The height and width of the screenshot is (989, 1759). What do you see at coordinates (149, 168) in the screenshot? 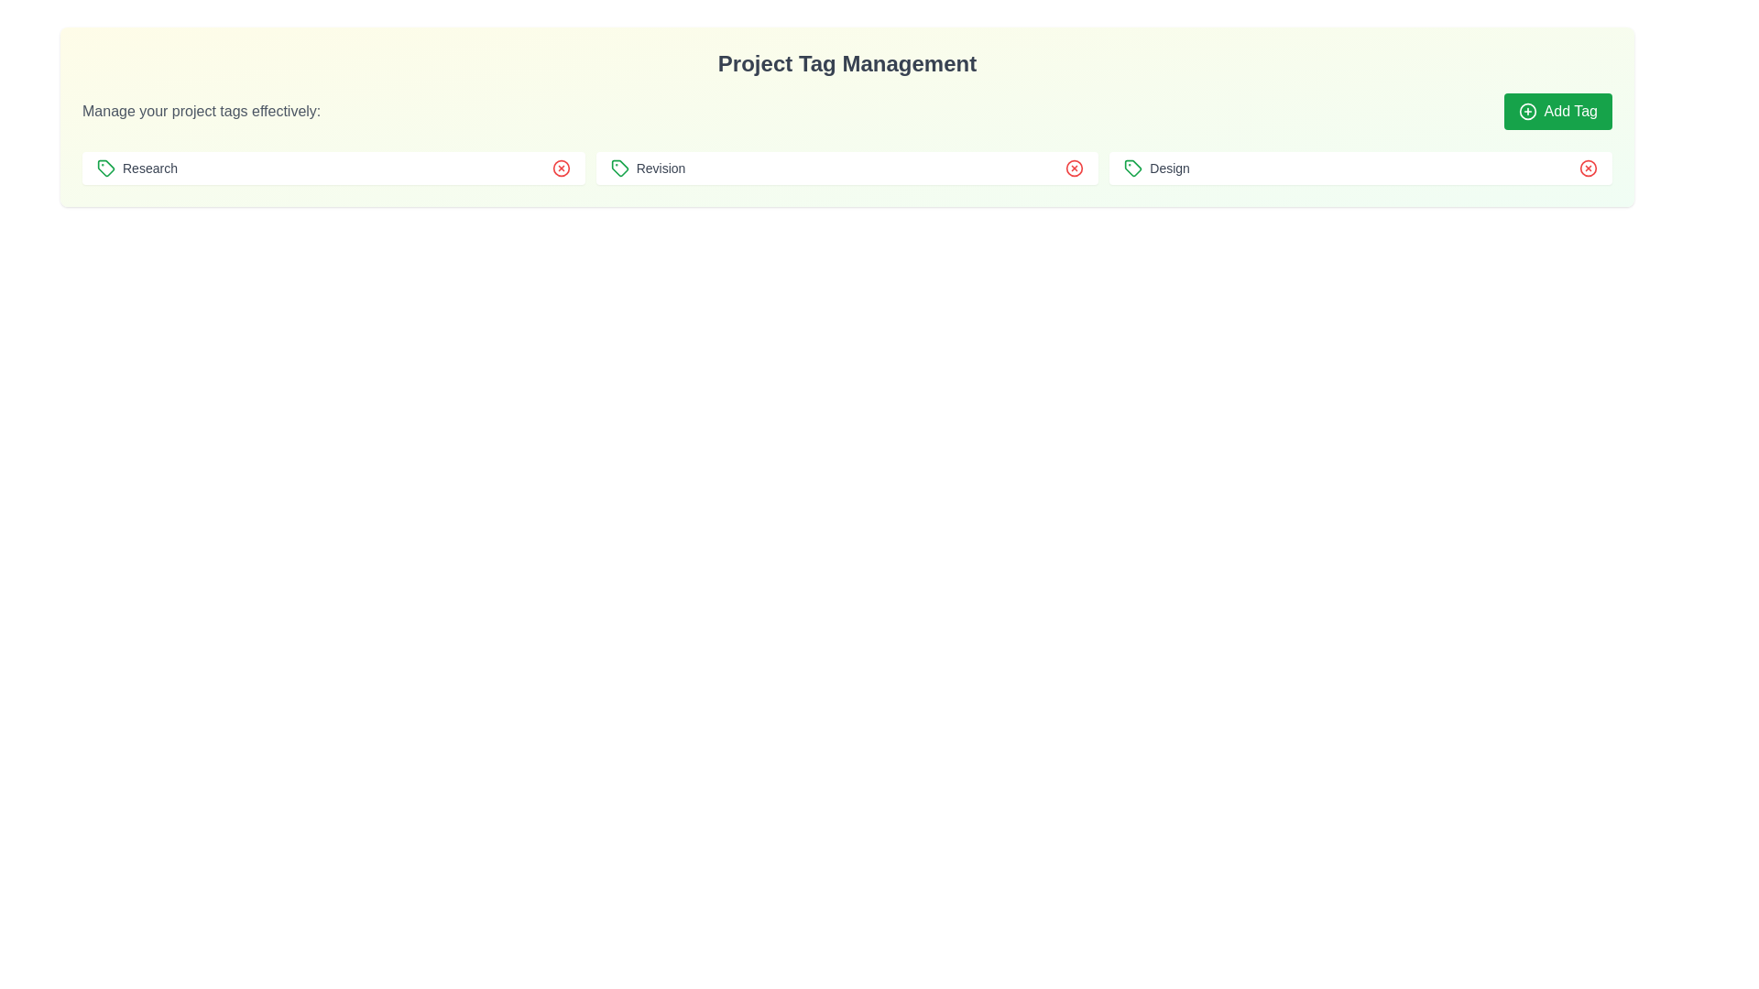
I see `the text label that displays the word 'Research' in gray font, located to the right of a green tag icon in the top-left area of the interface` at bounding box center [149, 168].